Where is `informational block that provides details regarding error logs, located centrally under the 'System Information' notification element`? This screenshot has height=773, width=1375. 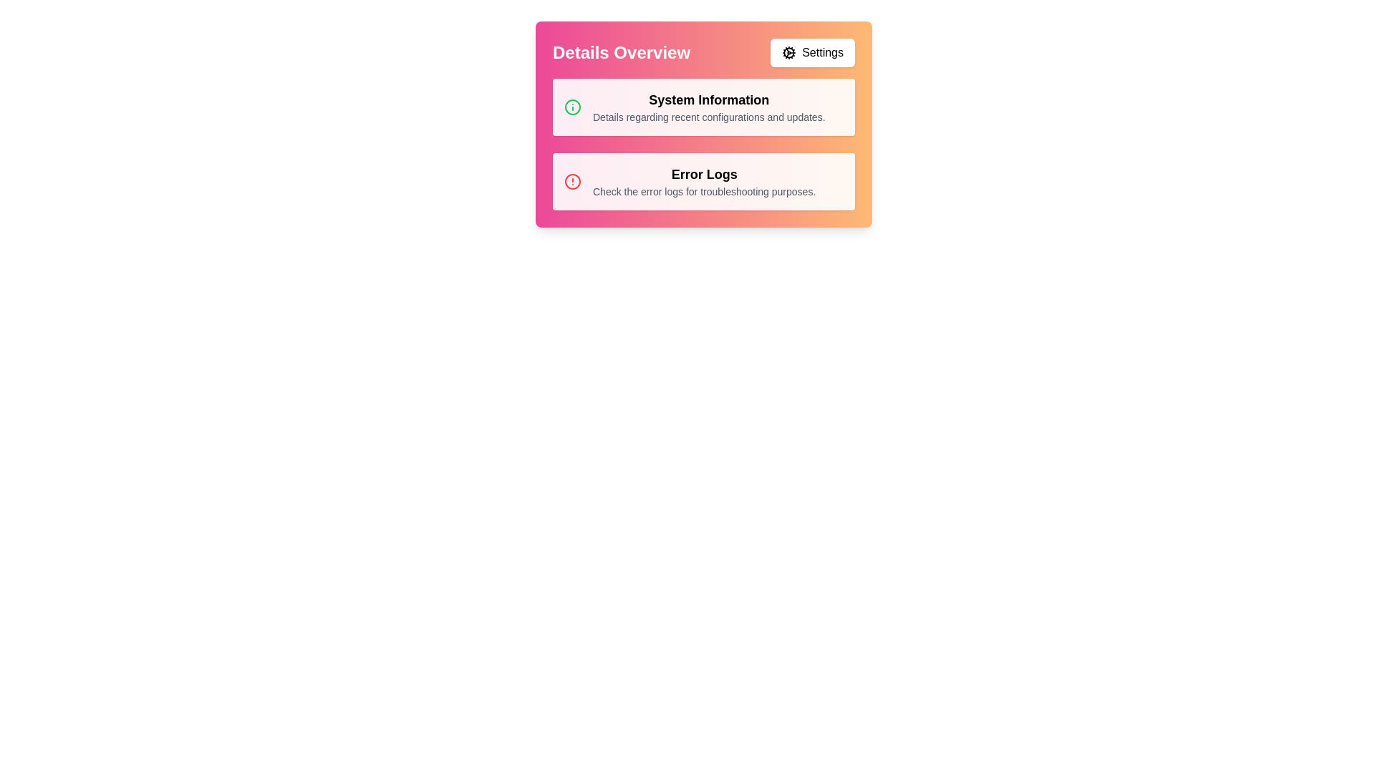
informational block that provides details regarding error logs, located centrally under the 'System Information' notification element is located at coordinates (704, 181).